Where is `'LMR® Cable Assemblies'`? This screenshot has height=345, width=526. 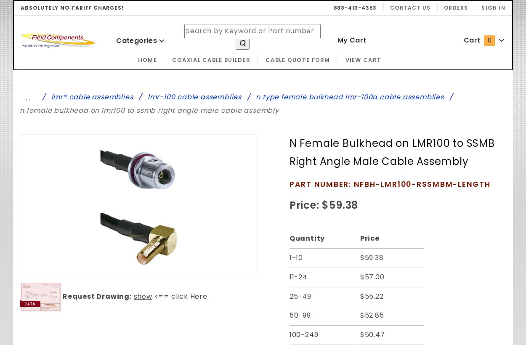 'LMR® Cable Assemblies' is located at coordinates (91, 96).